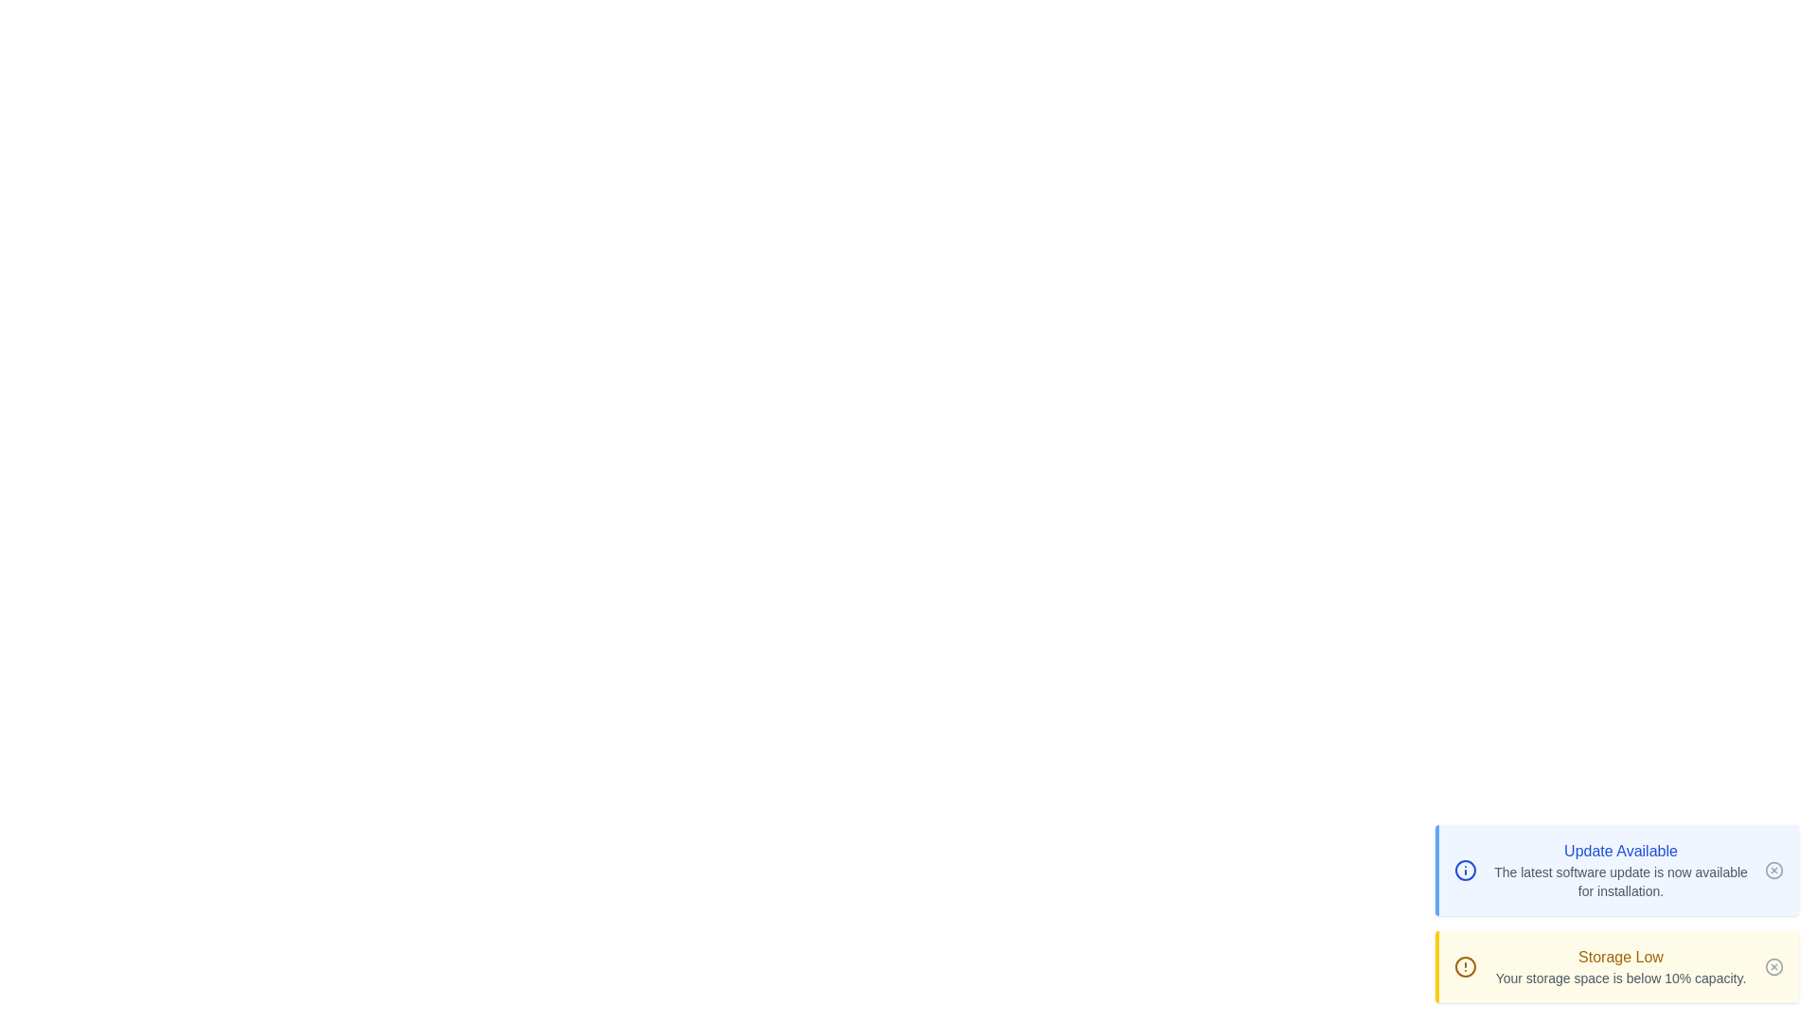 The height and width of the screenshot is (1022, 1818). Describe the element at coordinates (1616, 871) in the screenshot. I see `the notification container to focus it` at that location.